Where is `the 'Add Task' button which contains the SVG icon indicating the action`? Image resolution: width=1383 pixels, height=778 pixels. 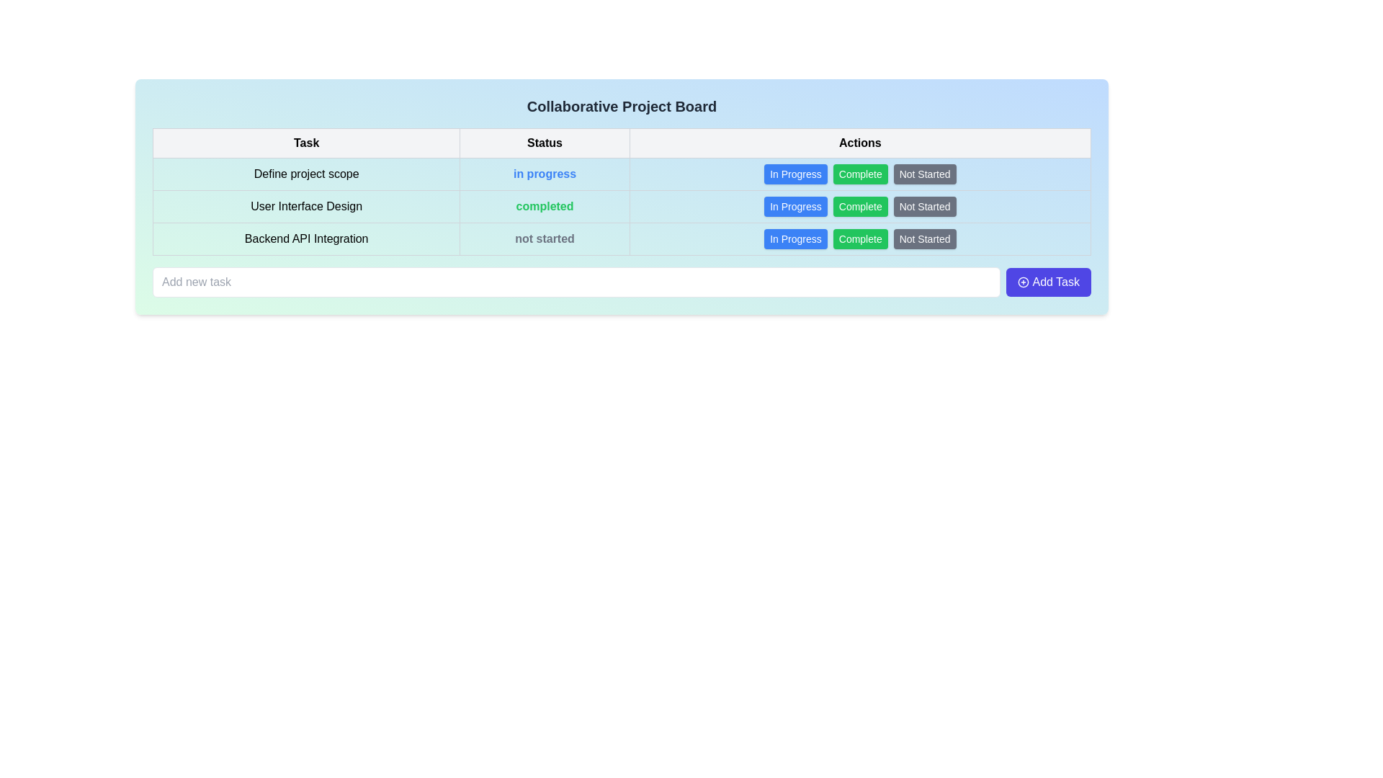 the 'Add Task' button which contains the SVG icon indicating the action is located at coordinates (1023, 282).